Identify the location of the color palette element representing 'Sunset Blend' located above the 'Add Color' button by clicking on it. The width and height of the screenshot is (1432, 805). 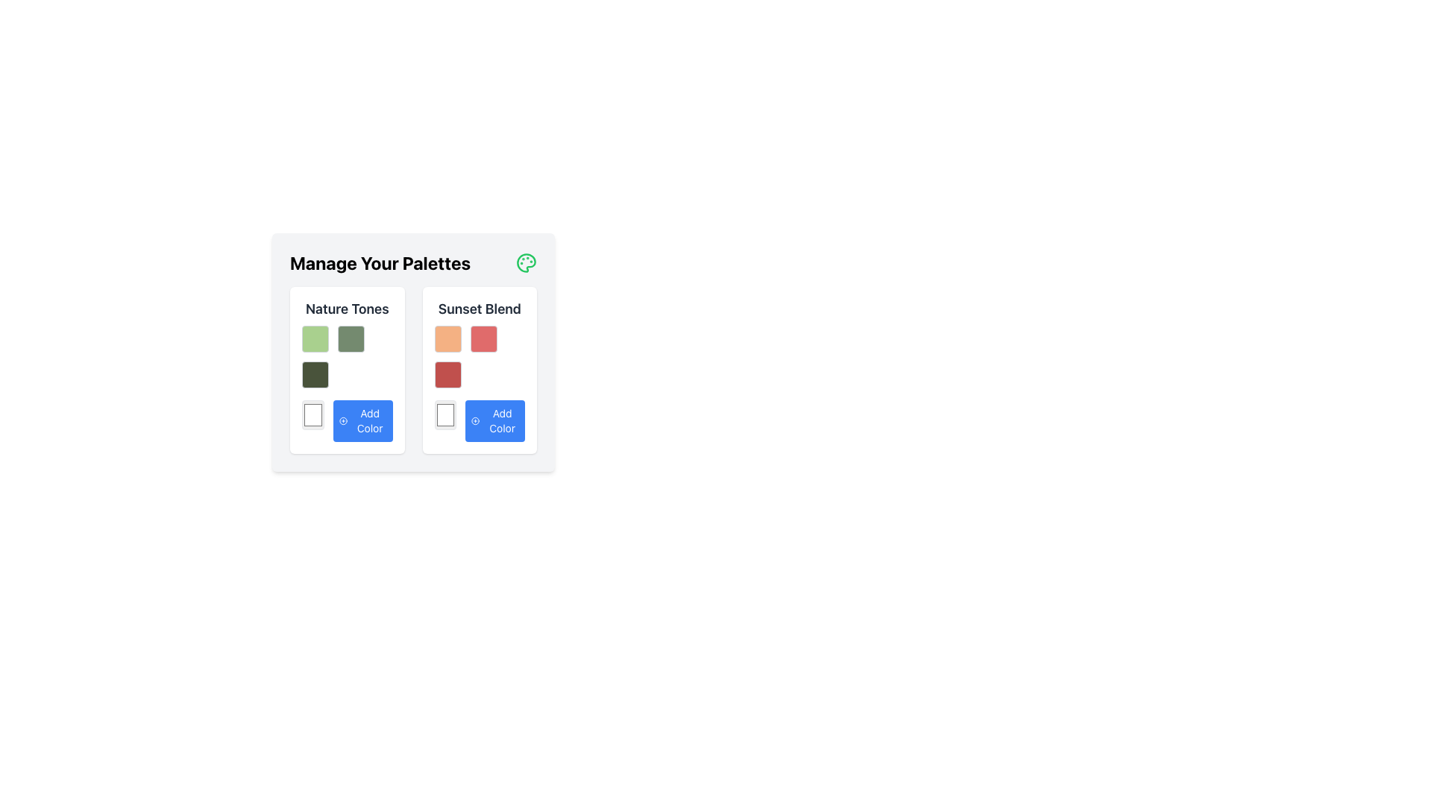
(480, 356).